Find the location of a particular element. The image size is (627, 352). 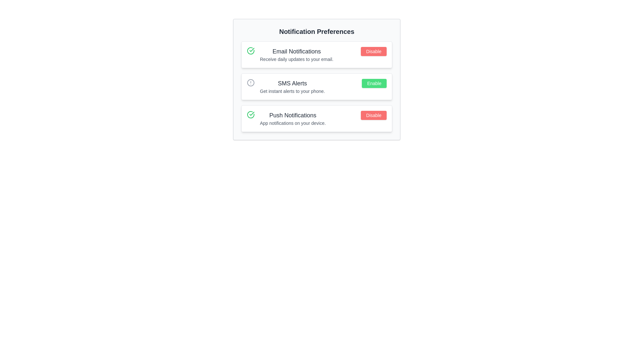

the toggle button for SMS alerts located in the Notification Preferences panel is located at coordinates (374, 83).